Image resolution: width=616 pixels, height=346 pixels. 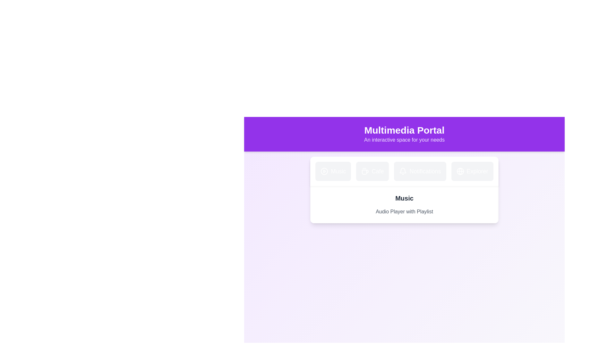 What do you see at coordinates (404, 139) in the screenshot?
I see `the text element that states 'An interactive space for your needs', styled in light purple and positioned below the 'Multimedia Portal' title within the purple header section` at bounding box center [404, 139].